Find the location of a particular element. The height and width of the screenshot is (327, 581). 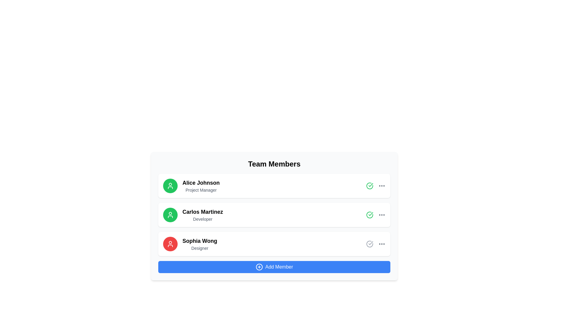

the Action indicator with a green checkmark and three horizontal gray dots located at the far-right end of the 'Carlos Martinez Developer' section is located at coordinates (376, 214).